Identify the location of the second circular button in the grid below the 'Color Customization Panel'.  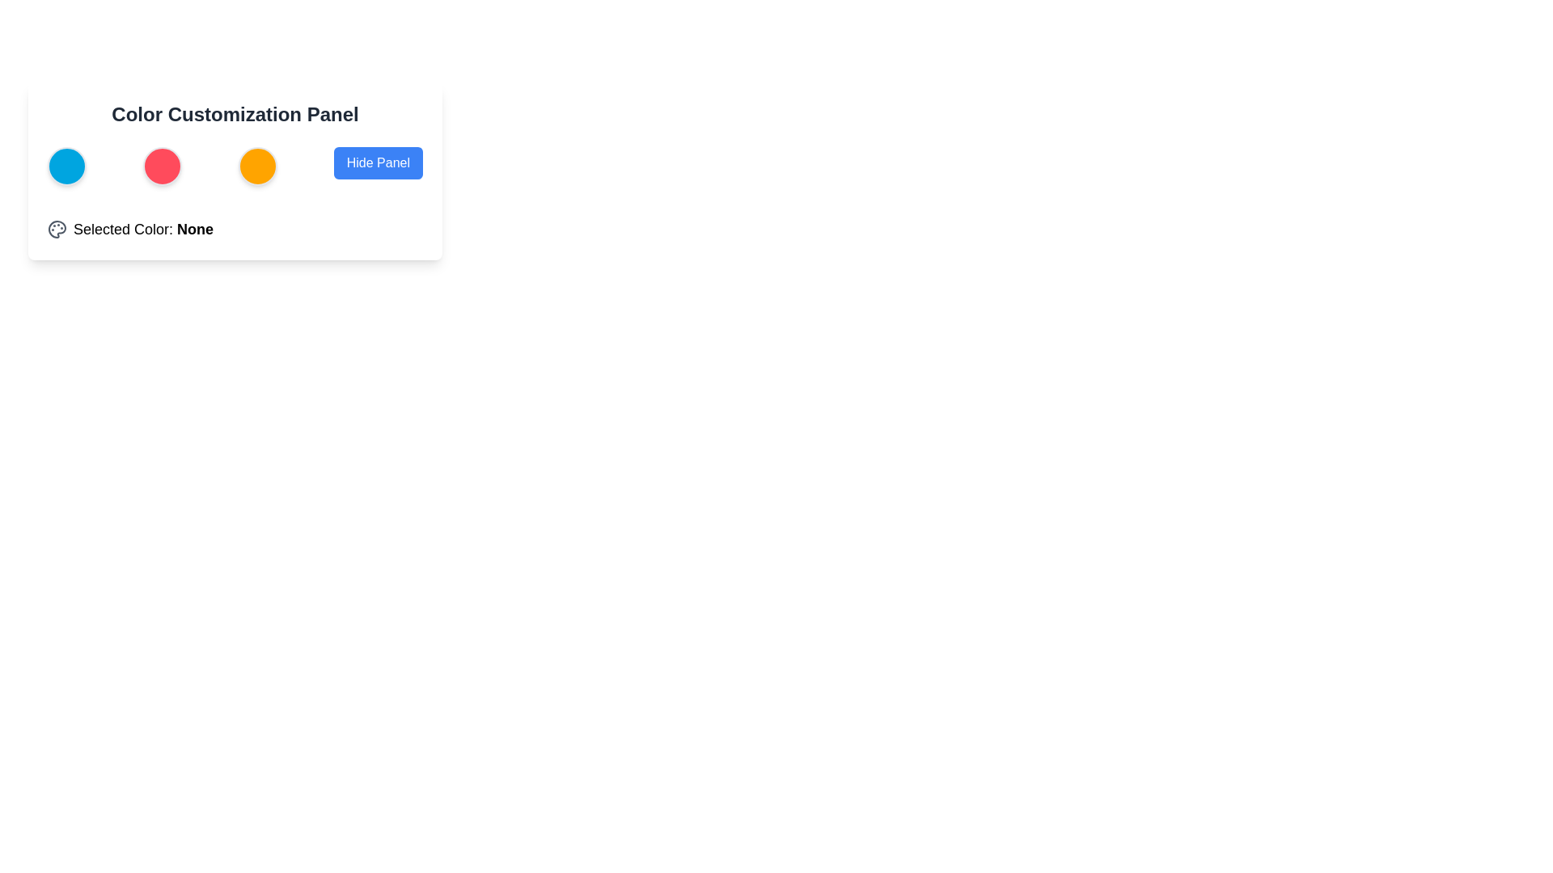
(162, 166).